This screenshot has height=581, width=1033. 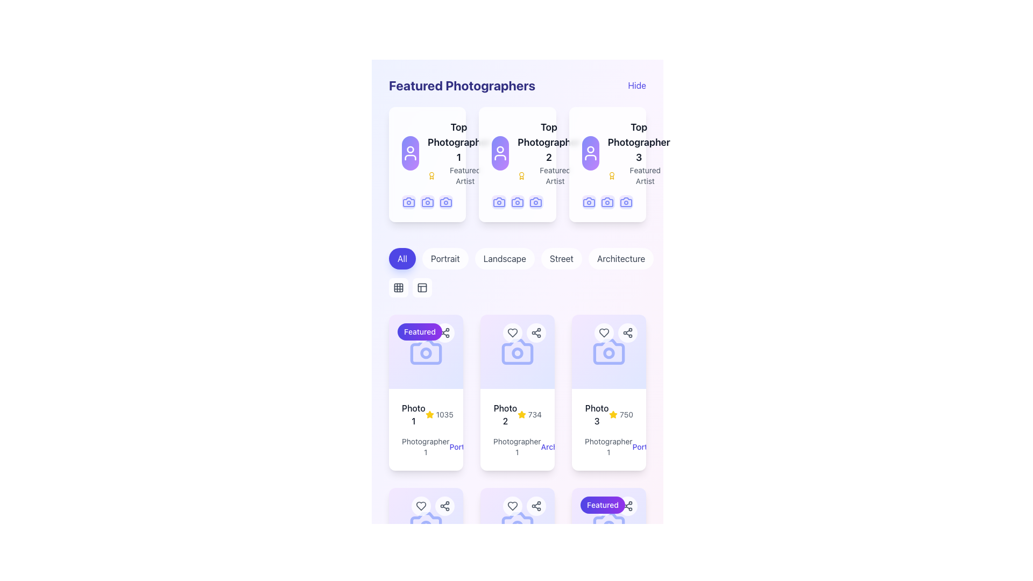 What do you see at coordinates (637, 84) in the screenshot?
I see `the 'Hide' button, which is a blue text label styled as a button in the top-right corner of the 'Featured Photographers' section` at bounding box center [637, 84].